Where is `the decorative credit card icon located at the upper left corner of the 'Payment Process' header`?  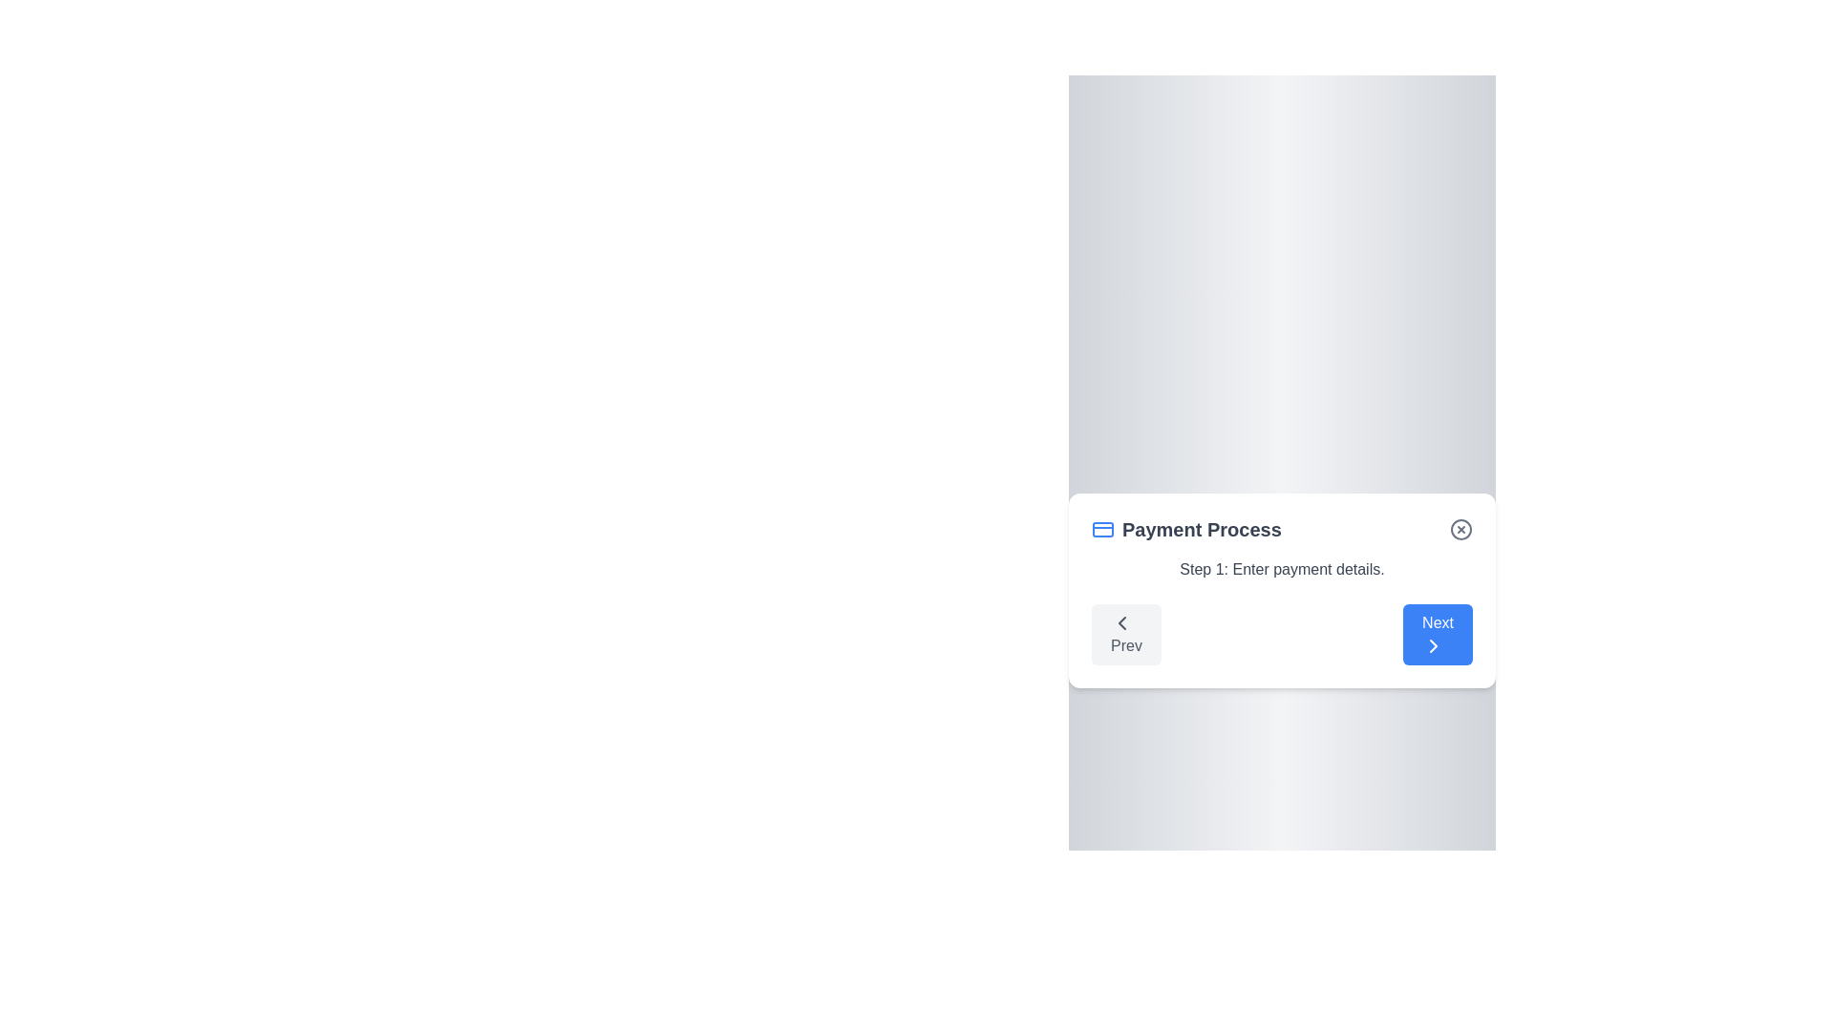
the decorative credit card icon located at the upper left corner of the 'Payment Process' header is located at coordinates (1103, 530).